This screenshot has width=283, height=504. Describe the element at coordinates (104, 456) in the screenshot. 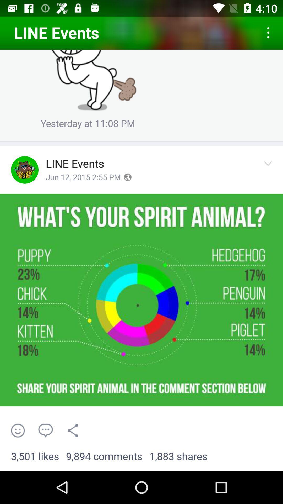

I see `item next to the 3,501 likes` at that location.